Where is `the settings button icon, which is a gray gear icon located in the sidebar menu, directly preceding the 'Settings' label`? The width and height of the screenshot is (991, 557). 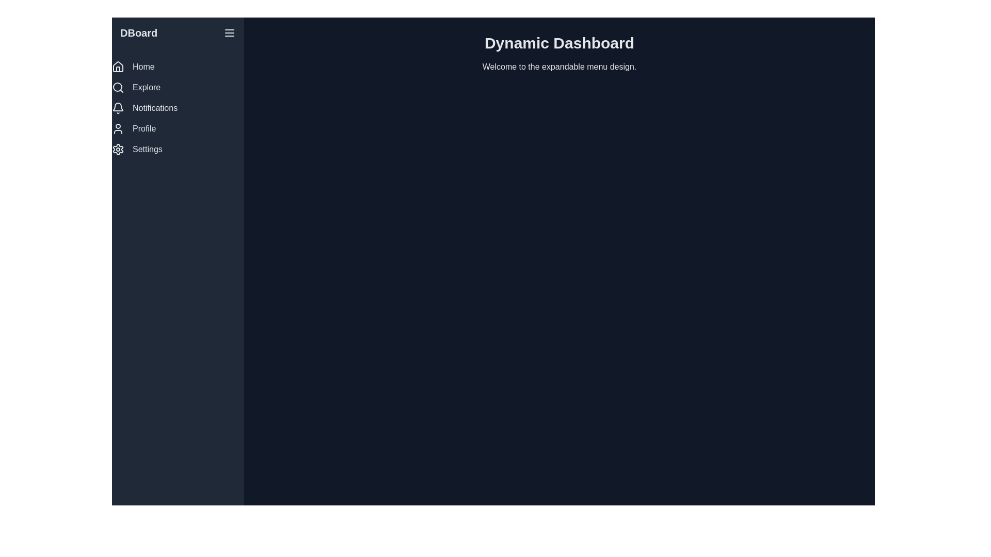
the settings button icon, which is a gray gear icon located in the sidebar menu, directly preceding the 'Settings' label is located at coordinates (118, 149).